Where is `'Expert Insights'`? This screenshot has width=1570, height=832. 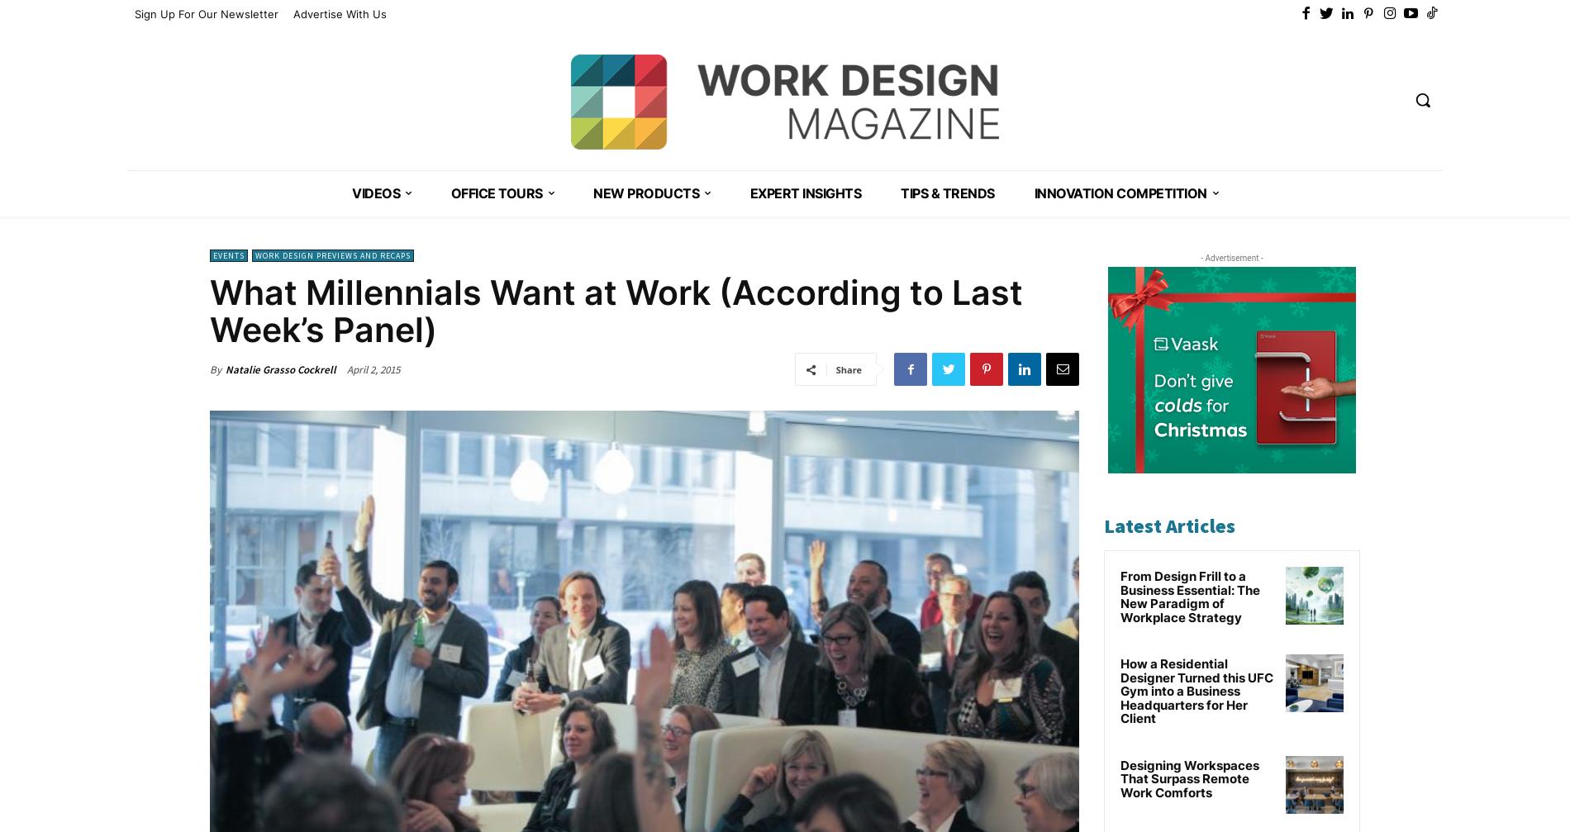 'Expert Insights' is located at coordinates (805, 193).